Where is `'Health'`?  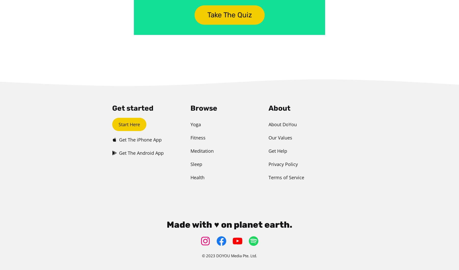 'Health' is located at coordinates (197, 177).